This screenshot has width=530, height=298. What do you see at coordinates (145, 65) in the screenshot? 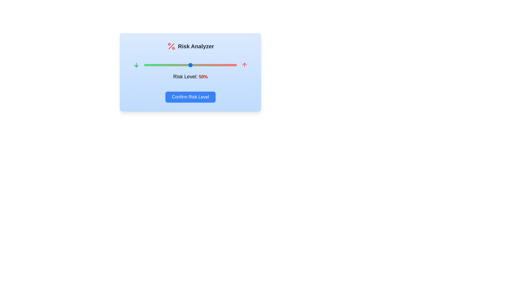
I see `the risk level to 1% by interacting with the slider` at bounding box center [145, 65].